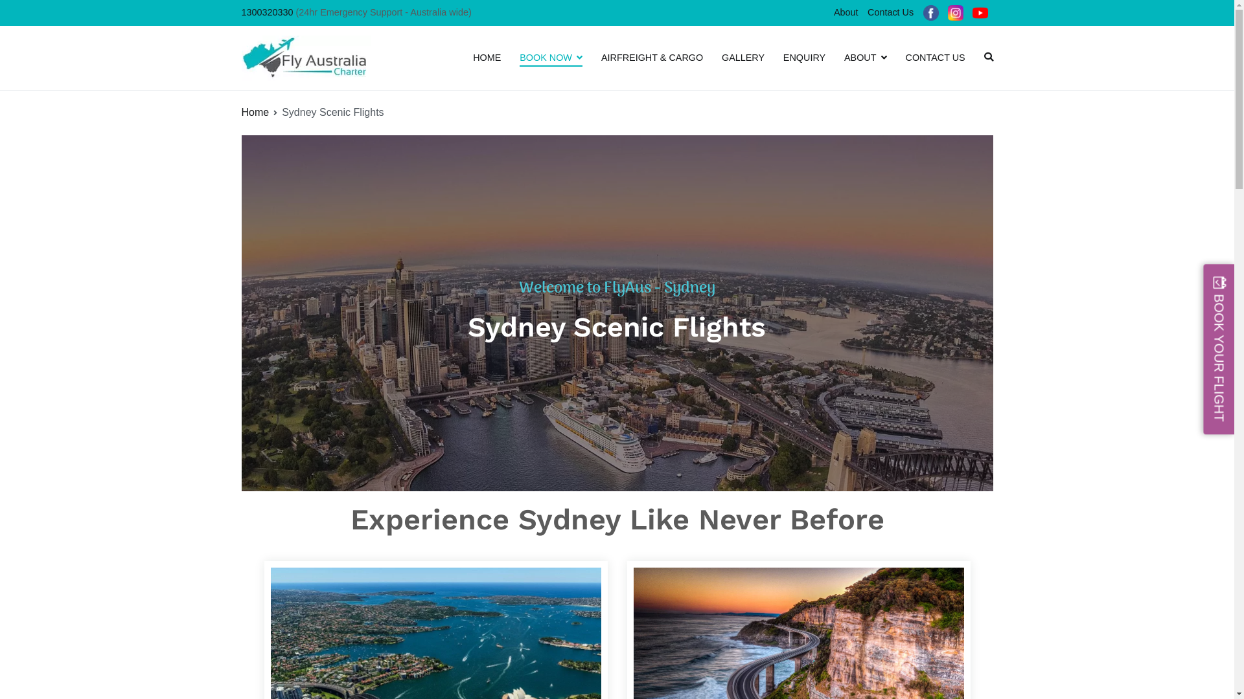 The width and height of the screenshot is (1244, 699). Describe the element at coordinates (652, 57) in the screenshot. I see `'AIRFREIGHT & CARGO'` at that location.